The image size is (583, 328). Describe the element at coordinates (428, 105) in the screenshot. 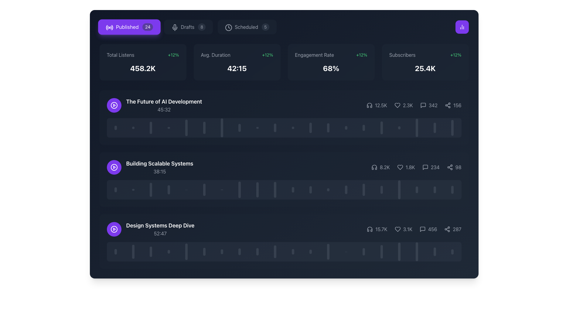

I see `the text '342' with the speech bubble icon` at that location.